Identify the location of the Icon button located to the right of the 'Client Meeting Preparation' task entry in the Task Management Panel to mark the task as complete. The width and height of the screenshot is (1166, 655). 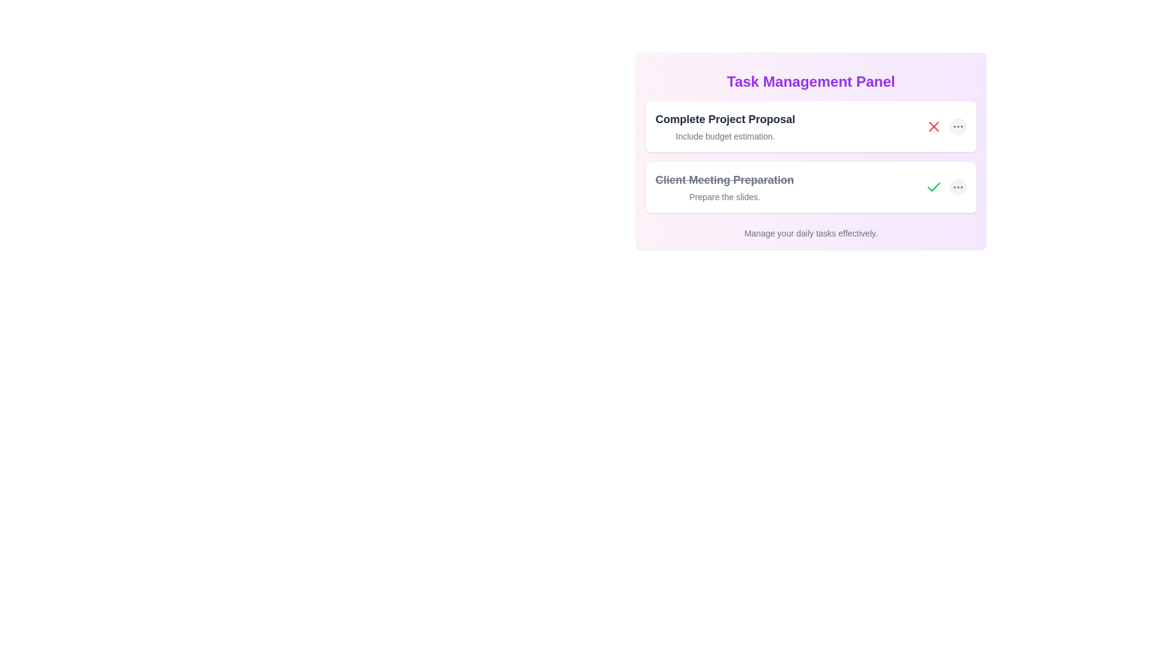
(933, 187).